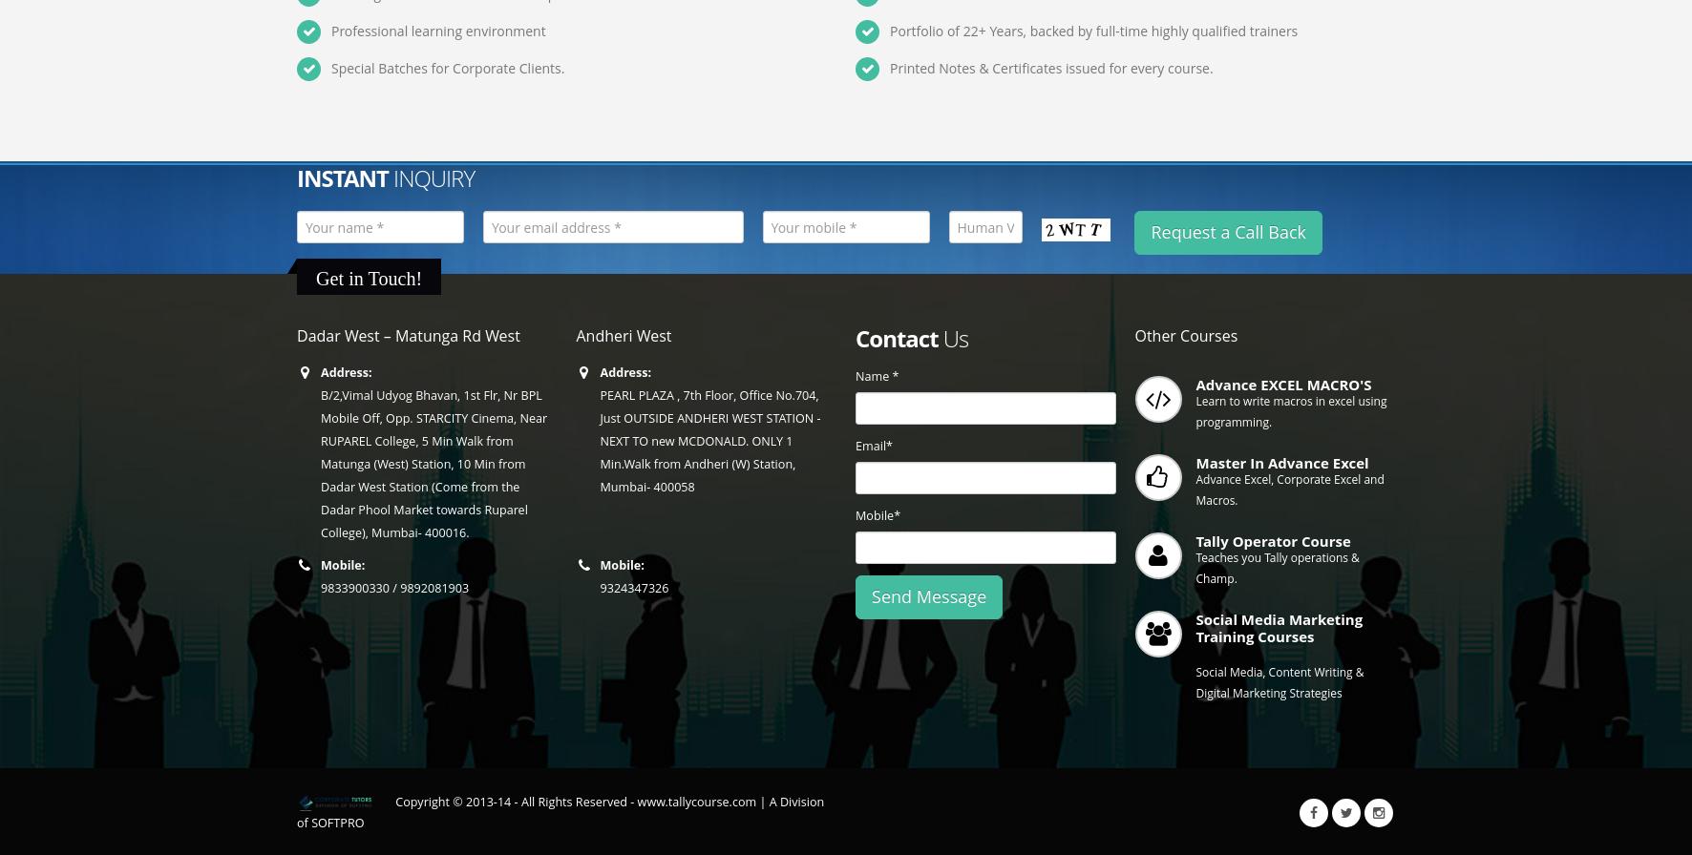 This screenshot has height=855, width=1692. What do you see at coordinates (579, 801) in the screenshot?
I see `'Copyright © 2013-14 - All Rights Reserved - www.tallycourse.com |'` at bounding box center [579, 801].